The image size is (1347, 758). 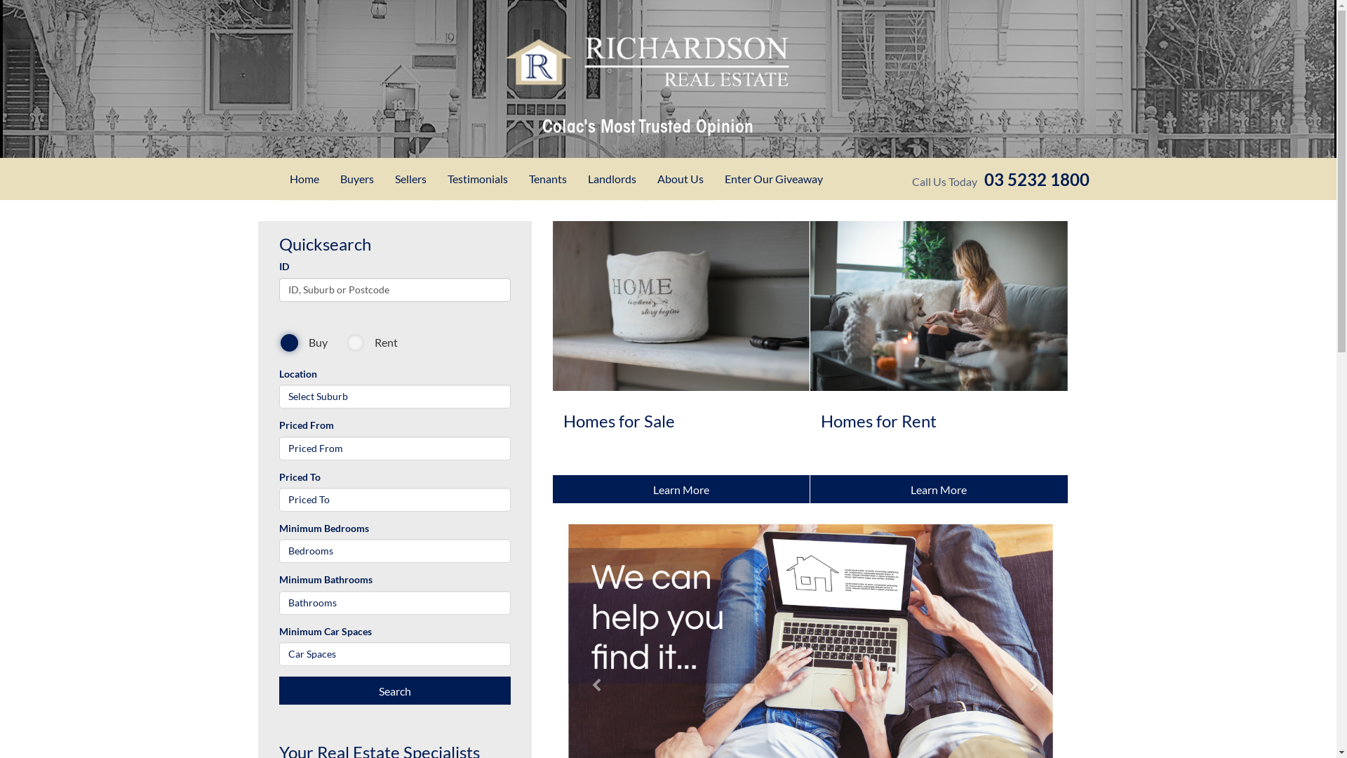 What do you see at coordinates (939, 361) in the screenshot?
I see `'Homes for Rent` at bounding box center [939, 361].